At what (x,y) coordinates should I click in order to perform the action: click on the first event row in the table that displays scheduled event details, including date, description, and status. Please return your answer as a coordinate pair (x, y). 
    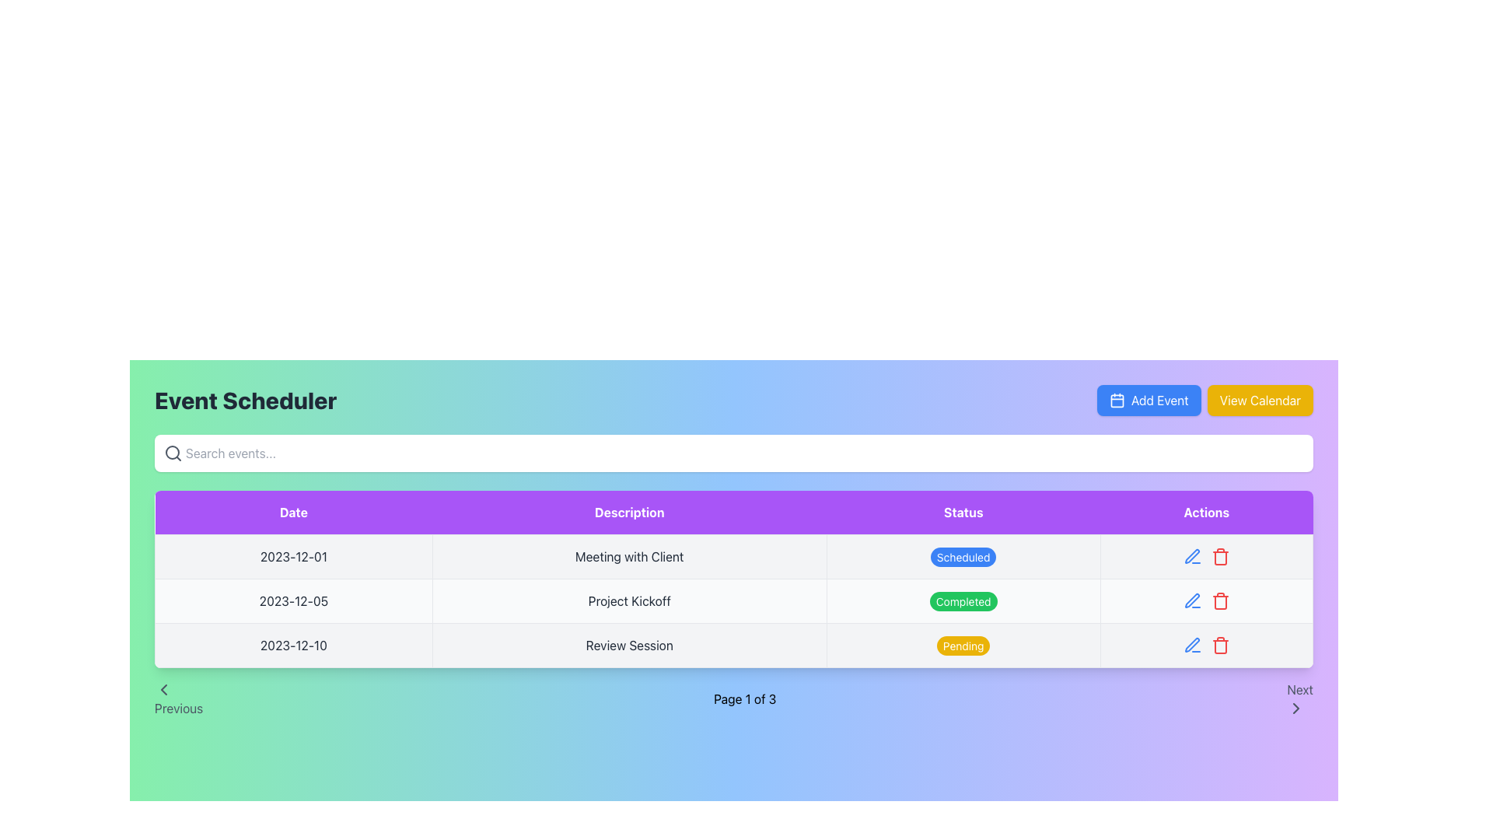
    Looking at the image, I should click on (733, 556).